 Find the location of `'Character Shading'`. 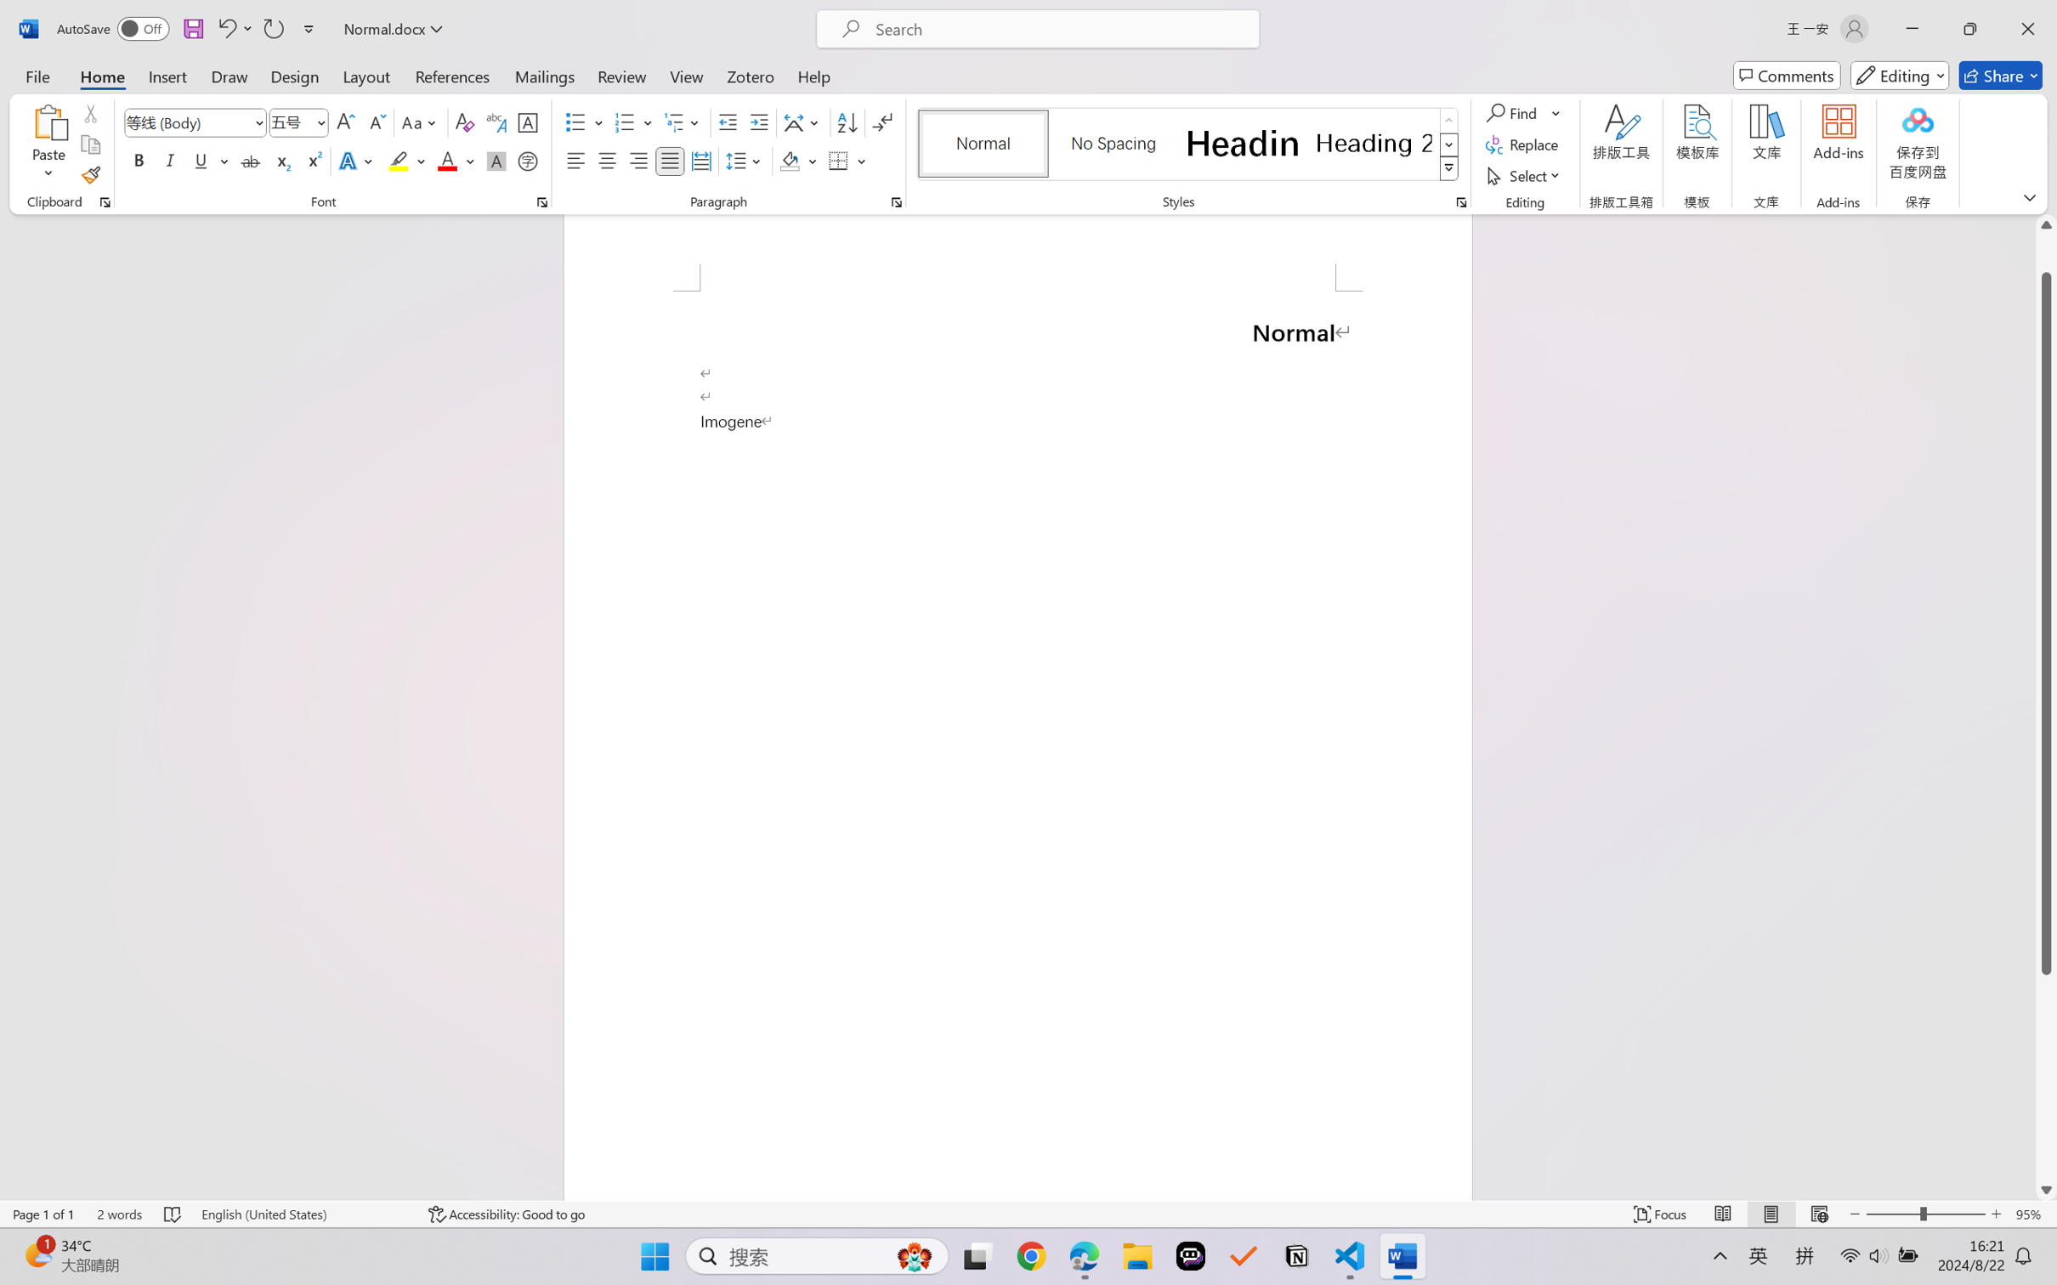

'Character Shading' is located at coordinates (494, 160).